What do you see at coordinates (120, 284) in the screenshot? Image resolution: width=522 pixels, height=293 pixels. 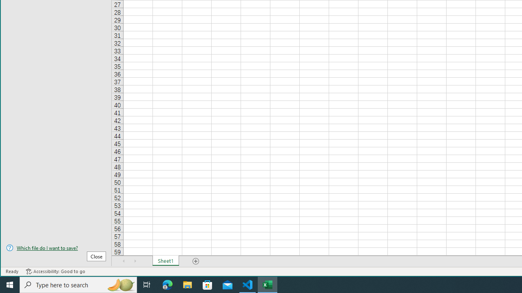 I see `'Search highlights icon opens search home window'` at bounding box center [120, 284].